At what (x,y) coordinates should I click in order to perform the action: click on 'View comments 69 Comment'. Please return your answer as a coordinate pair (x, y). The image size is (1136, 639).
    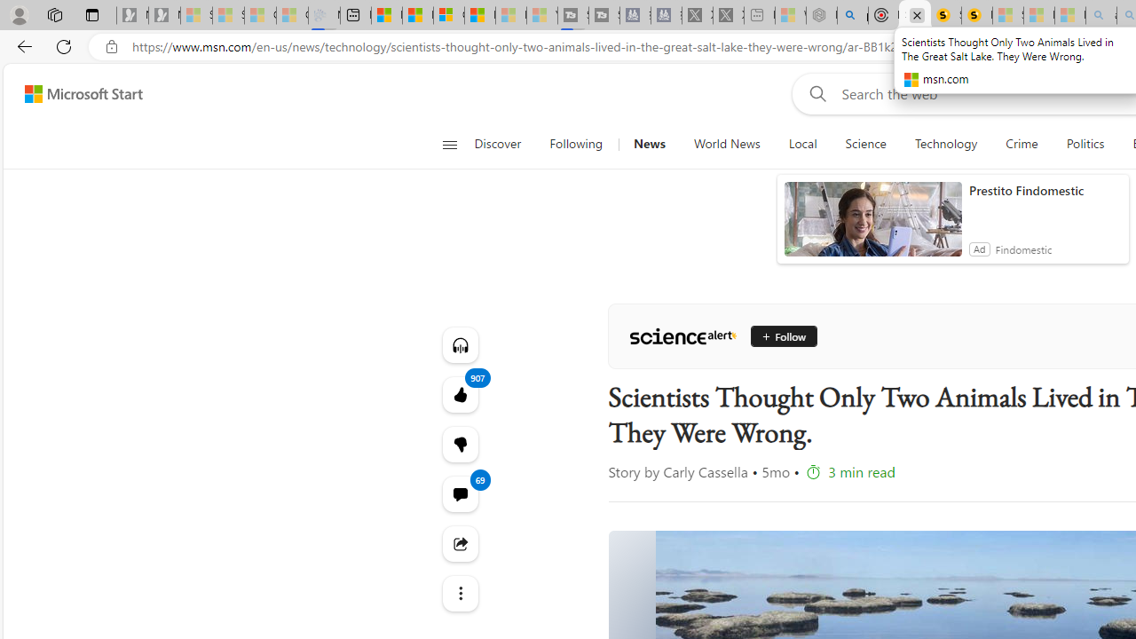
    Looking at the image, I should click on (460, 493).